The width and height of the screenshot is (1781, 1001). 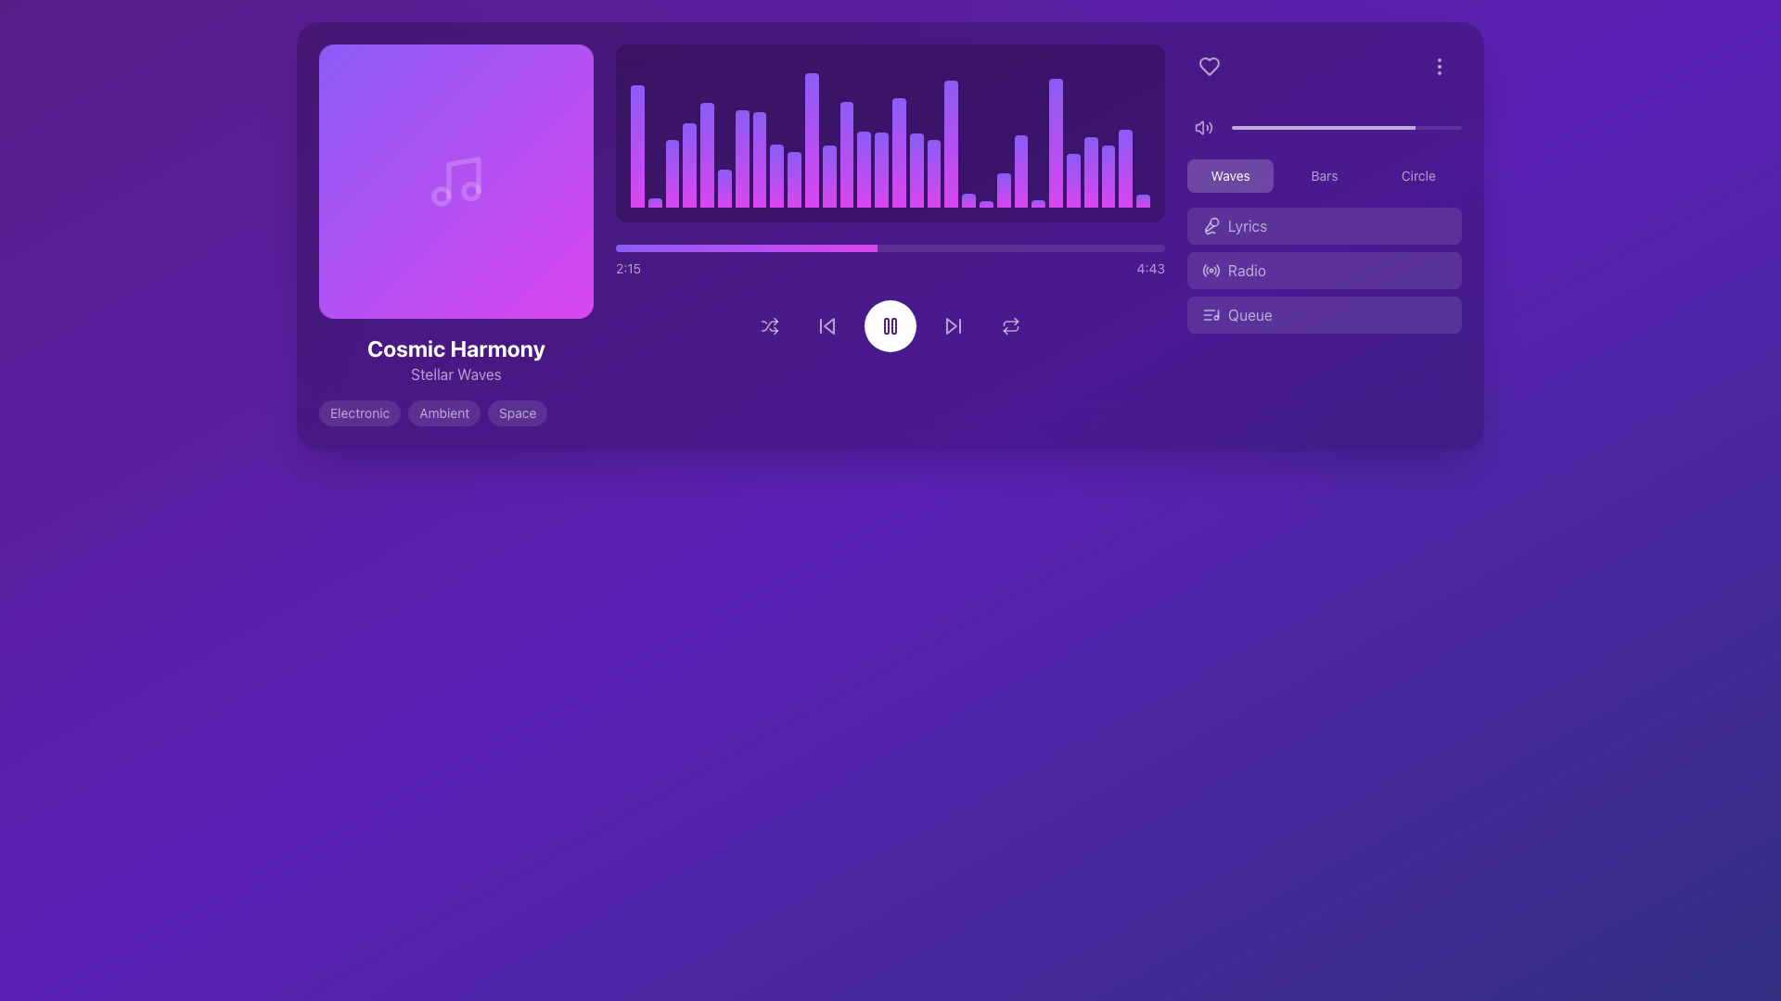 I want to click on the Progress Indicator which visually represents the current volume level within the top-right section of the interface, so click(x=1323, y=127).